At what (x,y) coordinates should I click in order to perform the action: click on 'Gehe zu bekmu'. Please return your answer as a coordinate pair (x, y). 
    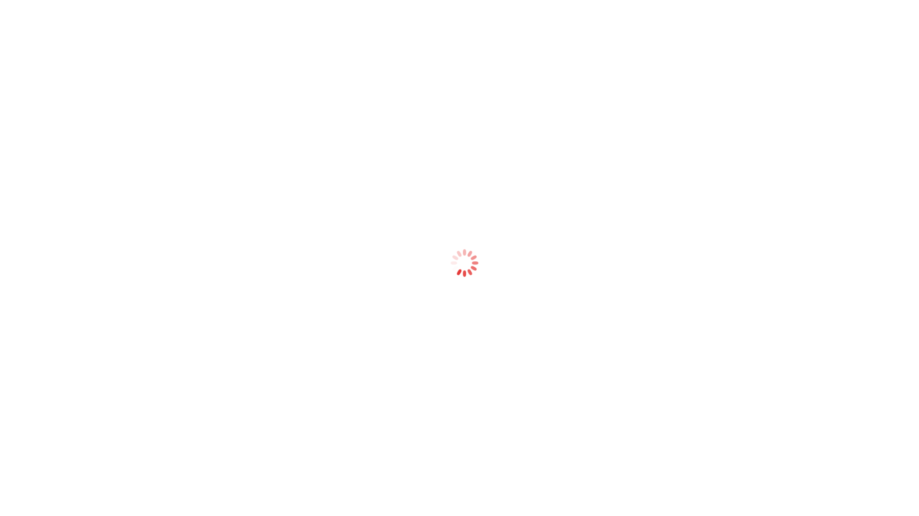
    Looking at the image, I should click on (60, 29).